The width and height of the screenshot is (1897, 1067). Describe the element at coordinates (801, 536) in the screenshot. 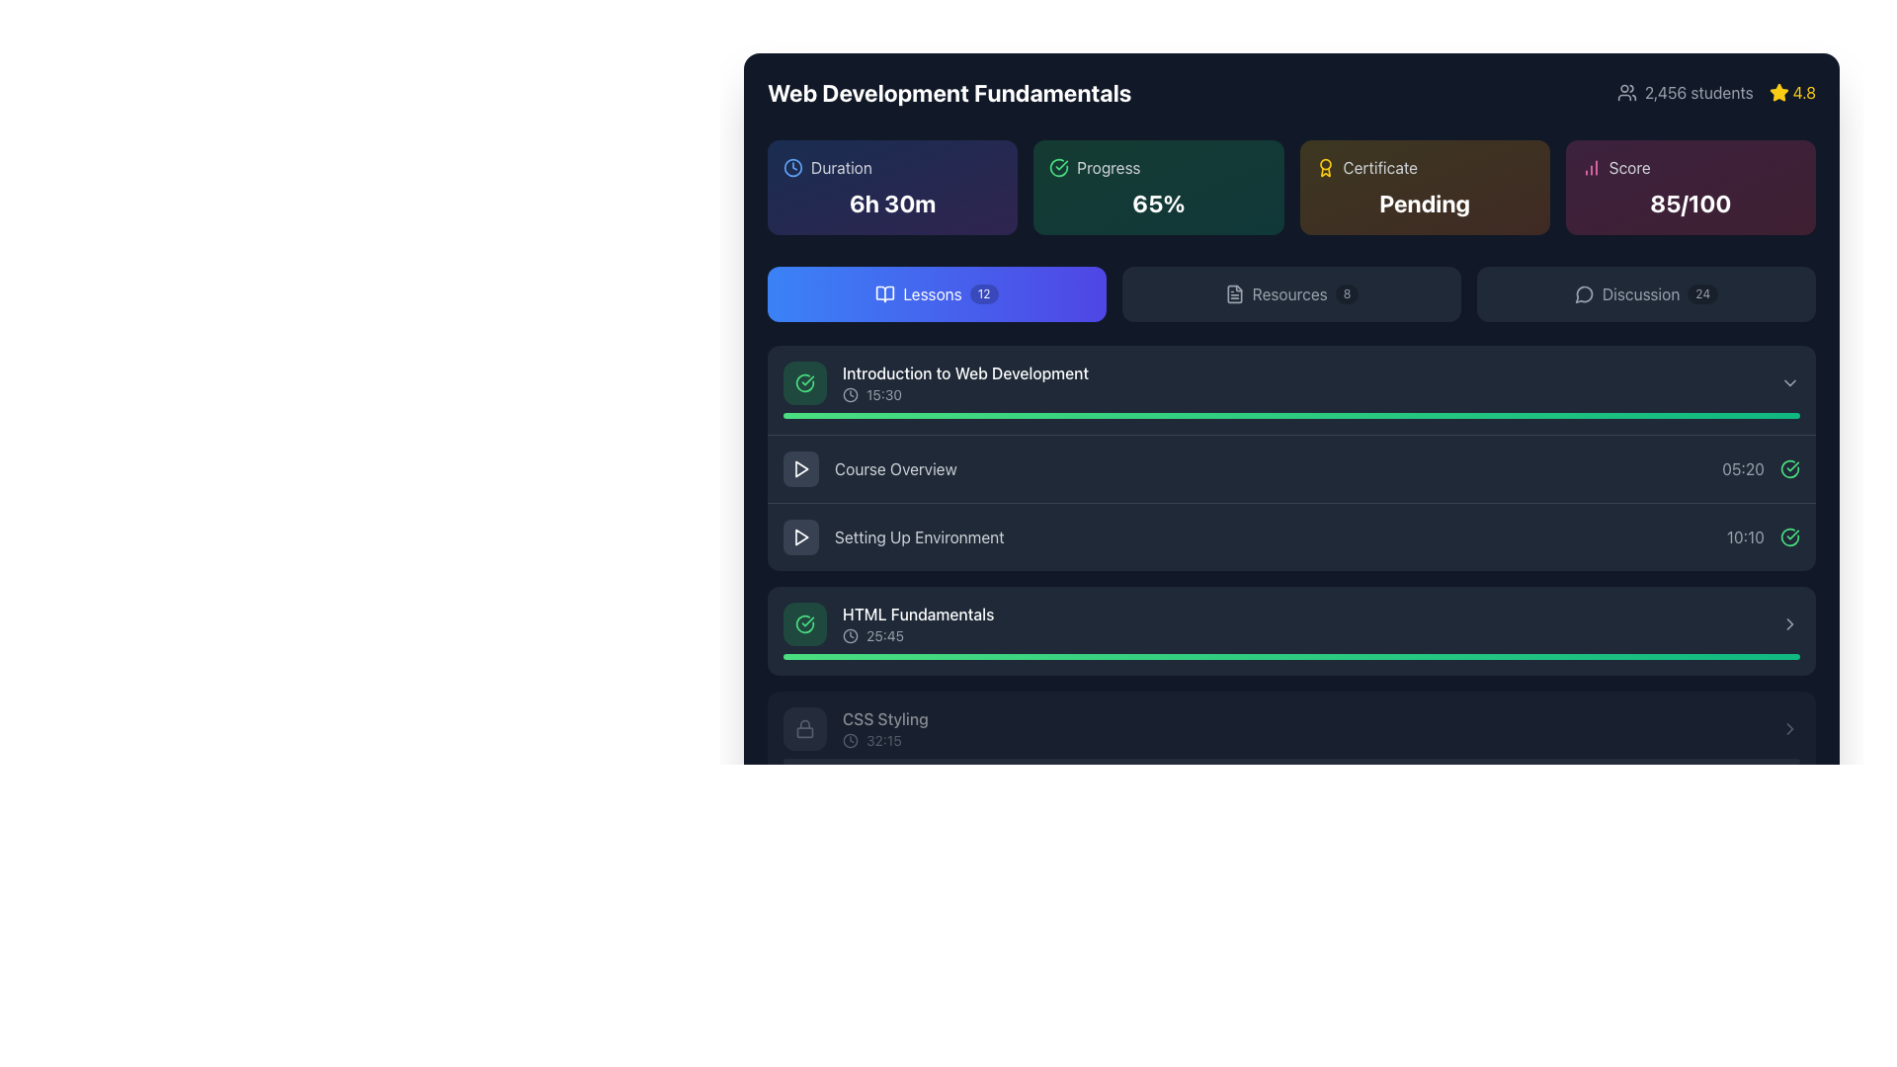

I see `the white play icon located within the button for the 'Setting Up Environment' course item, positioned in the third row of the course list` at that location.